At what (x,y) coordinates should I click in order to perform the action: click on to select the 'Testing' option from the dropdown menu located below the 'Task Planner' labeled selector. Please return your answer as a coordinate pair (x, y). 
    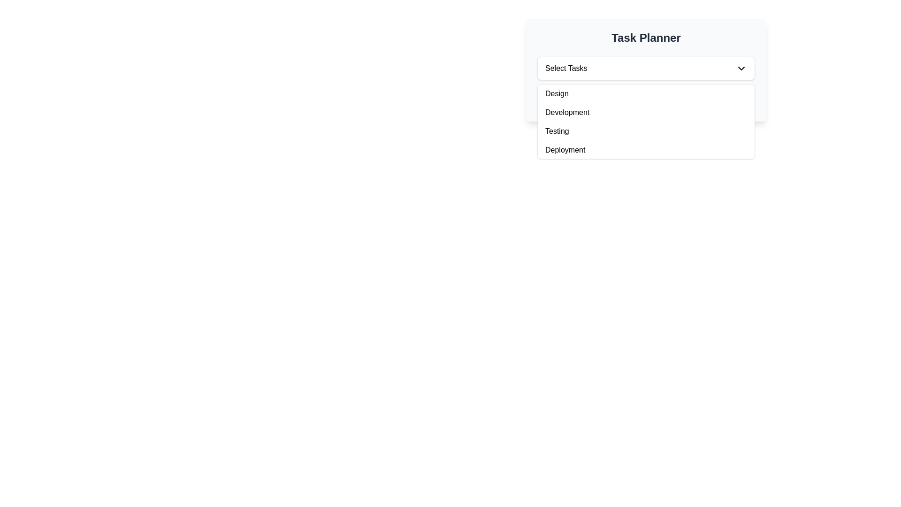
    Looking at the image, I should click on (646, 121).